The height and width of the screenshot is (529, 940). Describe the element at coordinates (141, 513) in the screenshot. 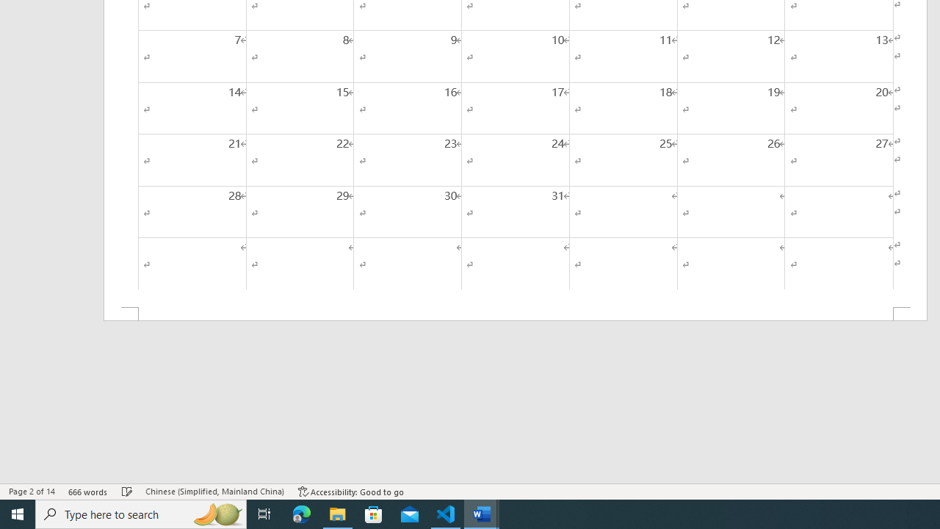

I see `'Type here to search'` at that location.